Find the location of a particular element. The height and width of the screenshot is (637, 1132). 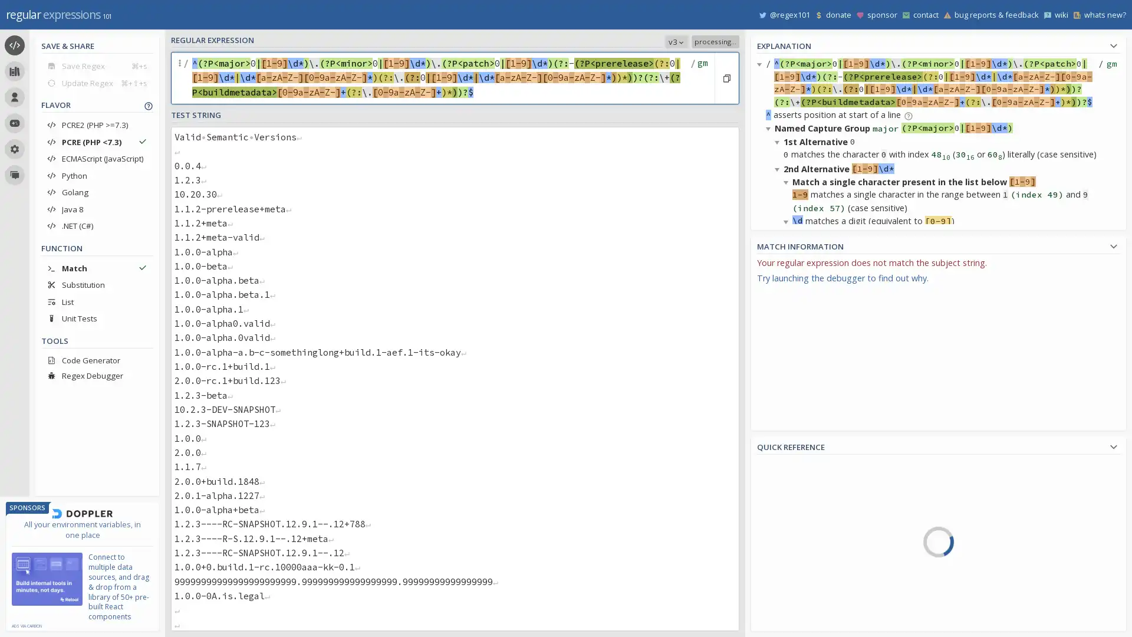

EXPLANATION is located at coordinates (938, 44).